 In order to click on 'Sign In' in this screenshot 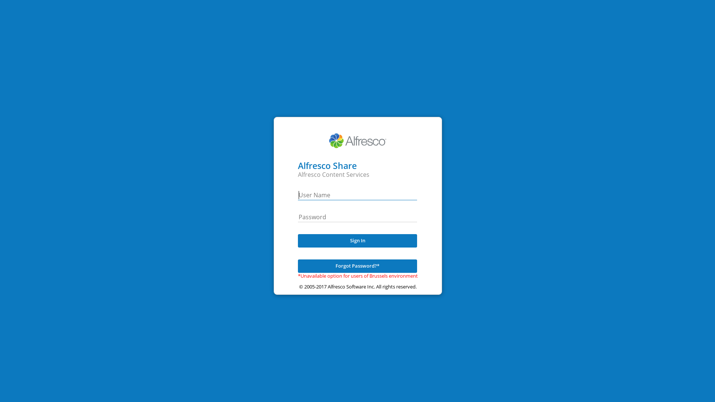, I will do `click(357, 241)`.